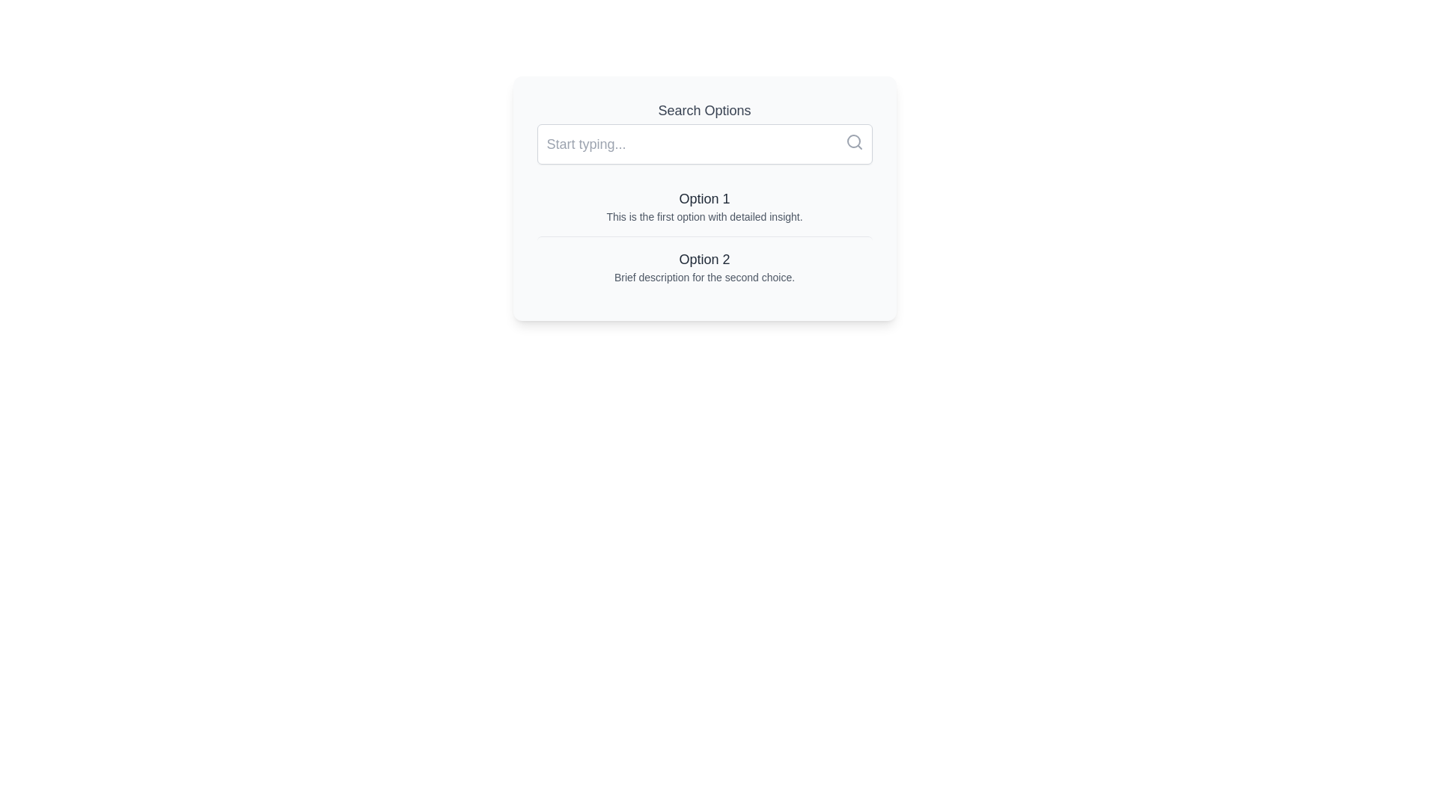  Describe the element at coordinates (704, 109) in the screenshot. I see `the 'Search Options' label, which is a block of text styled in a large gray font` at that location.